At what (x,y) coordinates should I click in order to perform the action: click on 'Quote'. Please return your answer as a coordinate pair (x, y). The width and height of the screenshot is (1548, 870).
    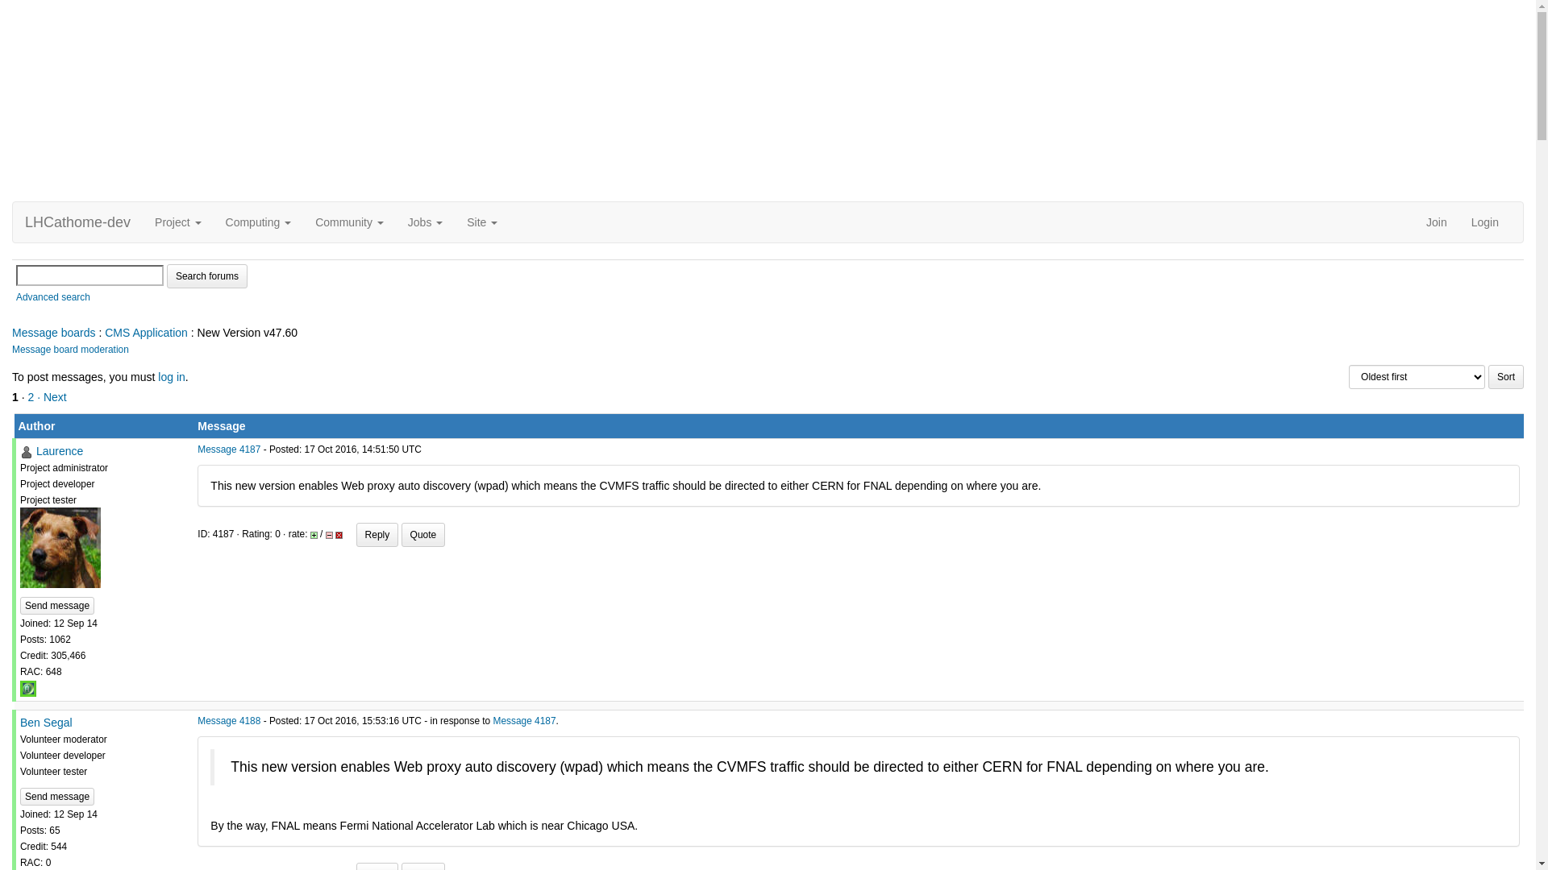
    Looking at the image, I should click on (423, 534).